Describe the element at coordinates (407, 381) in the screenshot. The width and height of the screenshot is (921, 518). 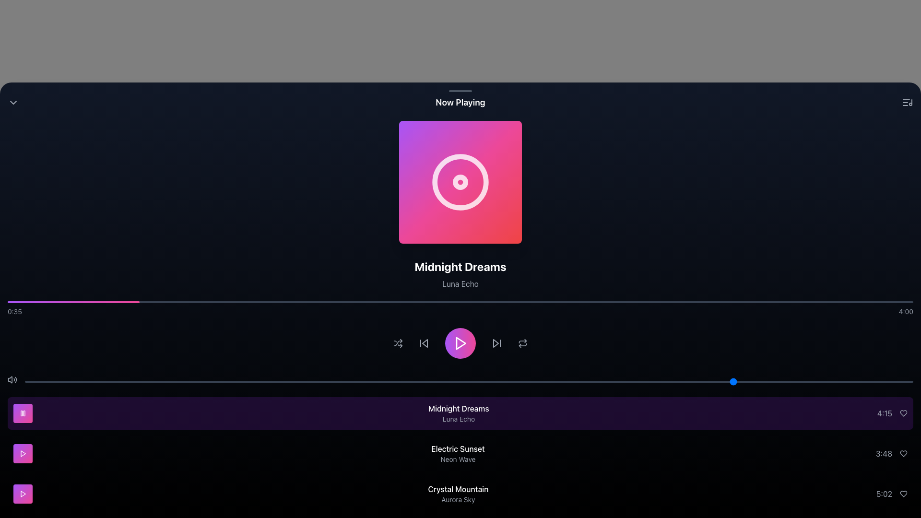
I see `the slider value` at that location.